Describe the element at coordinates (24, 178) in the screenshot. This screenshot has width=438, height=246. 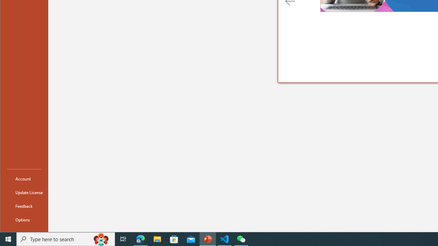
I see `'Account'` at that location.